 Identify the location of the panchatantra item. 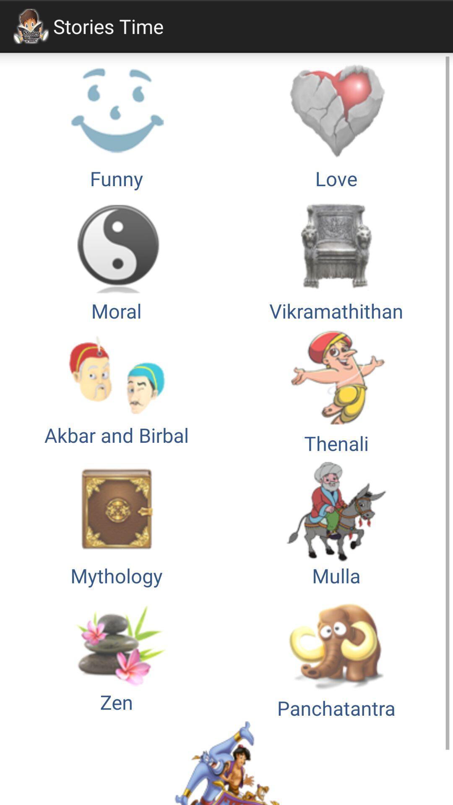
(336, 654).